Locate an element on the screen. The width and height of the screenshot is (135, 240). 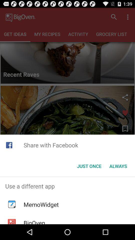
the memowidget is located at coordinates (41, 204).